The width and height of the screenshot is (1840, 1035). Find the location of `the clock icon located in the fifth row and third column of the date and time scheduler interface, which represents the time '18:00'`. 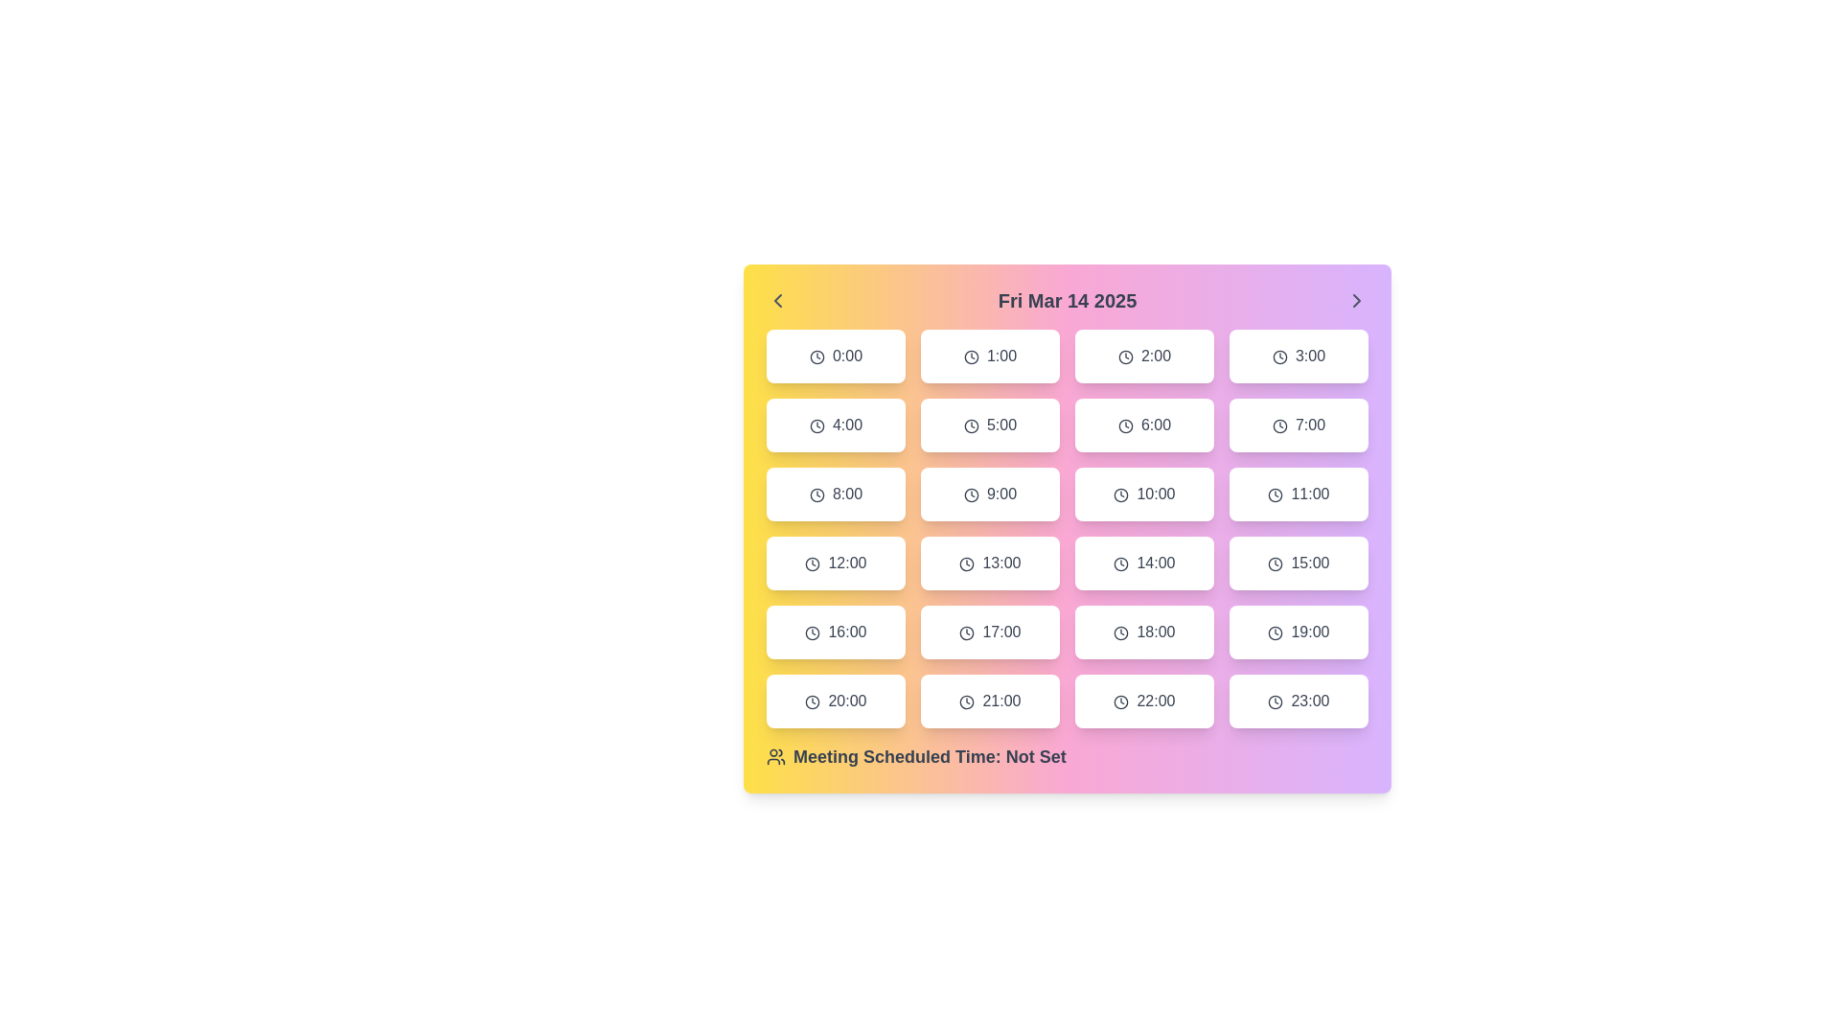

the clock icon located in the fifth row and third column of the date and time scheduler interface, which represents the time '18:00' is located at coordinates (1121, 632).